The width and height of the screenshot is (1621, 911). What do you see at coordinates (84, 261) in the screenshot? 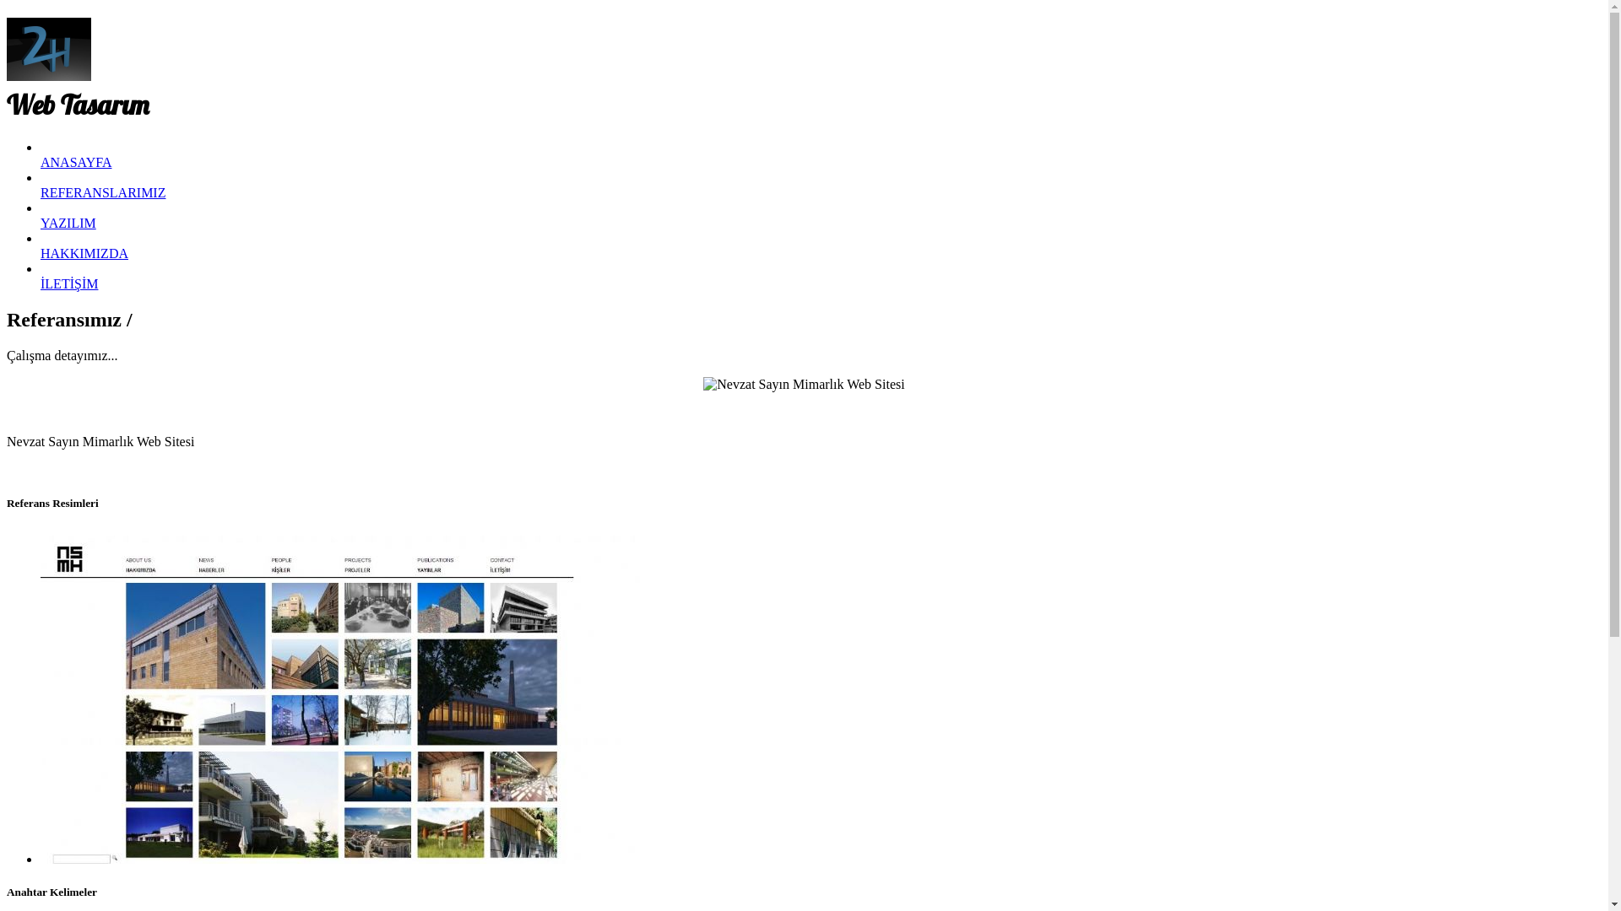
I see `'HAKKIMIZDA'` at bounding box center [84, 261].